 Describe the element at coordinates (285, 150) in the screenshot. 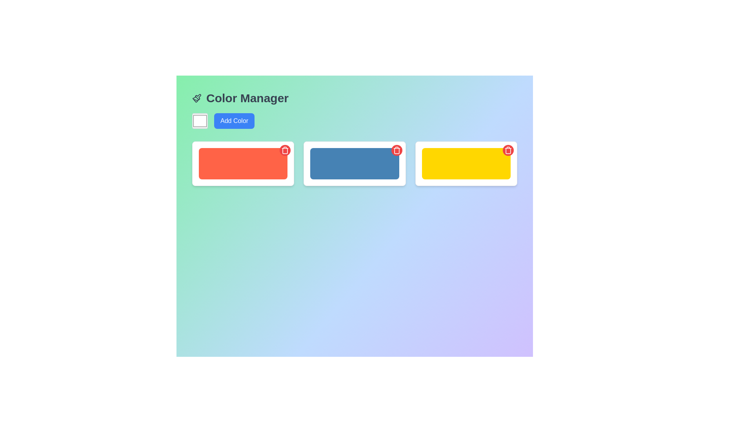

I see `the circular red button with a white trash can icon located at the top-right corner of the card` at that location.